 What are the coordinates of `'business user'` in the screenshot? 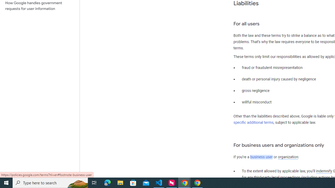 It's located at (261, 157).